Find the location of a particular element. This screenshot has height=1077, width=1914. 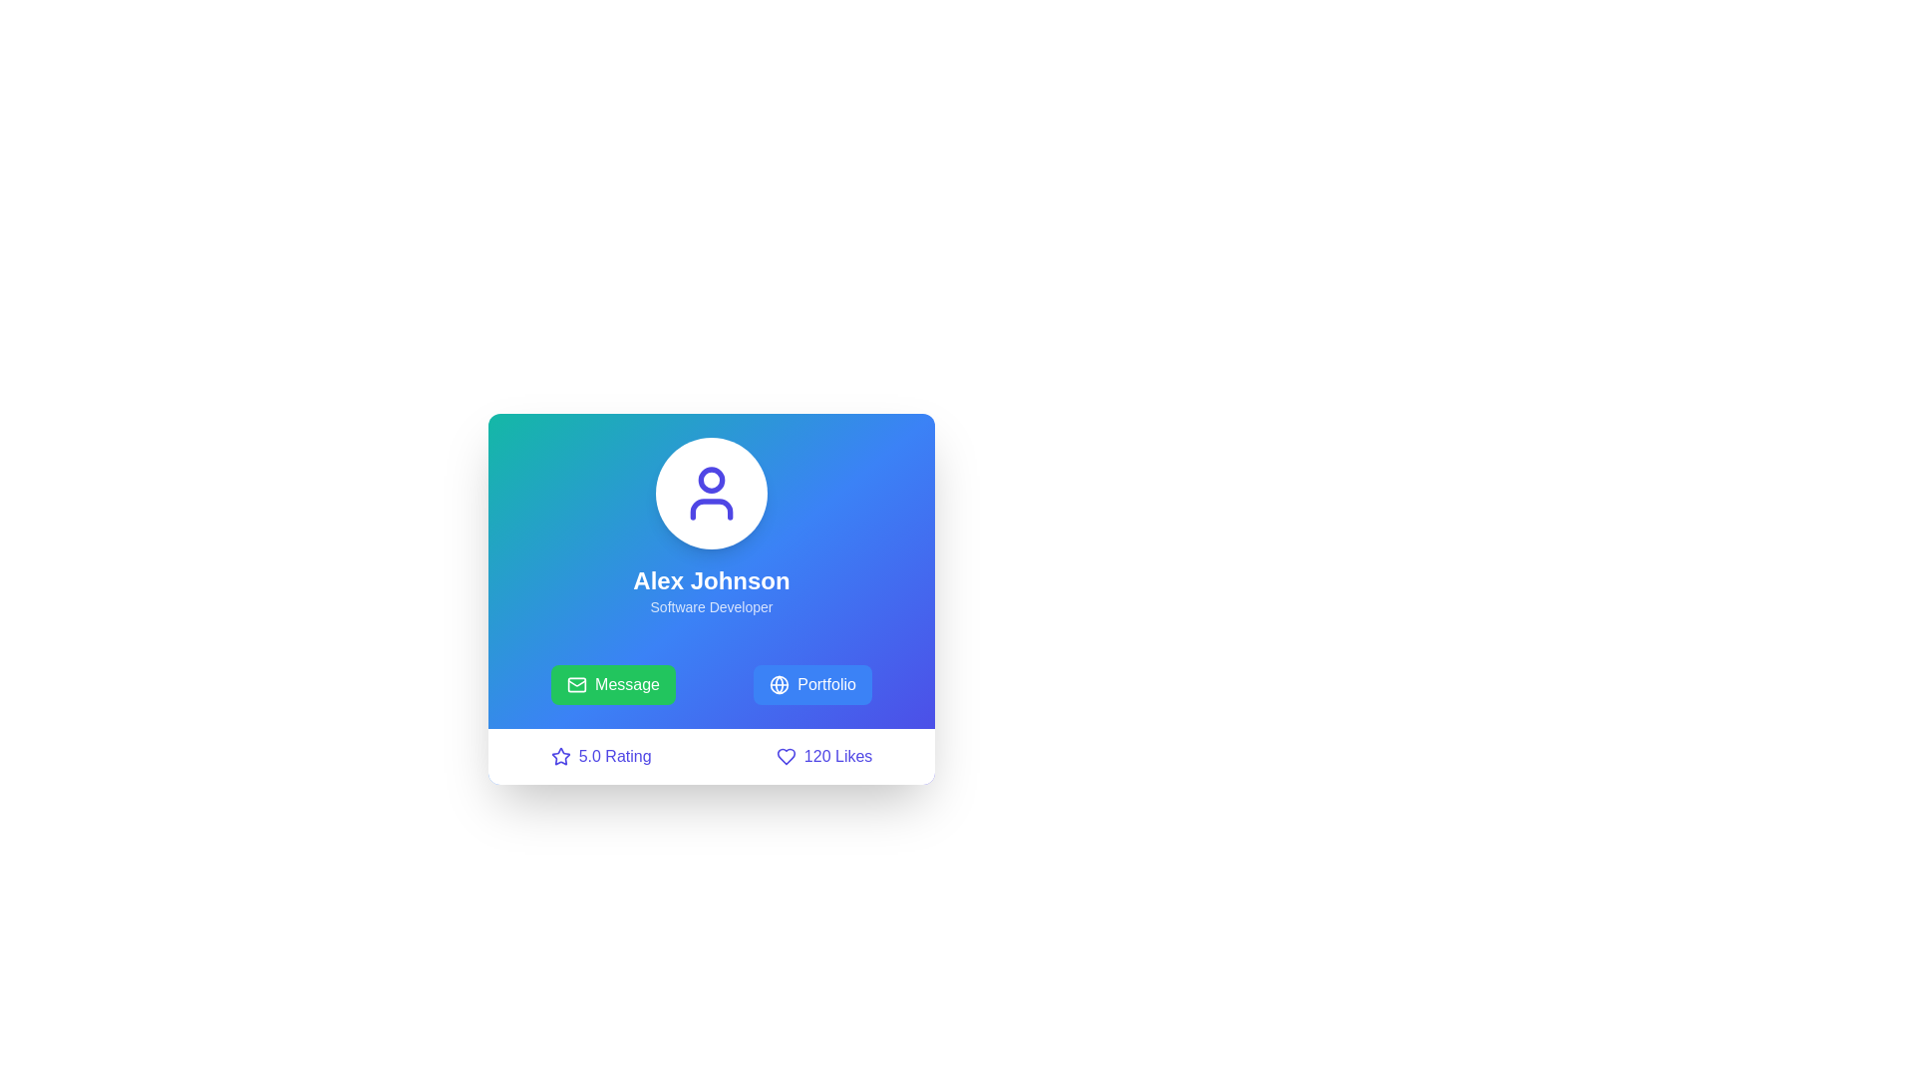

the non-interactive Text Label that describes the individual's role as 'Software Developer', located centrally within the card layout below the title 'Alex Johnson' is located at coordinates (712, 606).